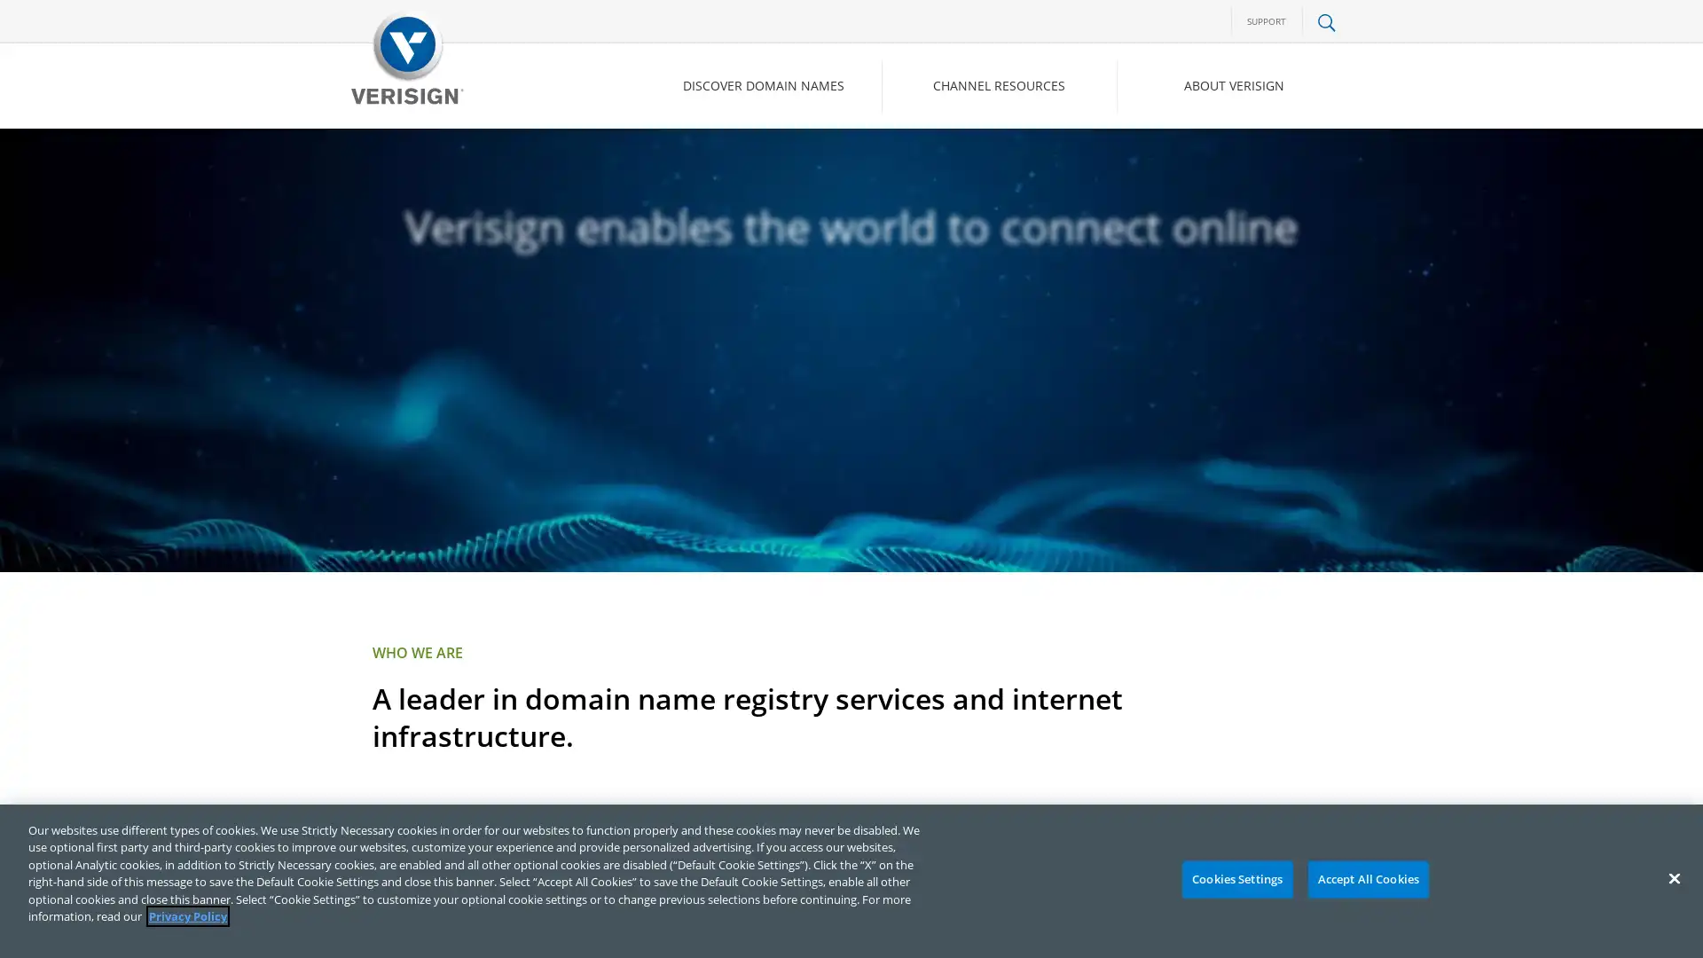 The image size is (1703, 958). I want to click on Cookies Settings, so click(1236, 879).